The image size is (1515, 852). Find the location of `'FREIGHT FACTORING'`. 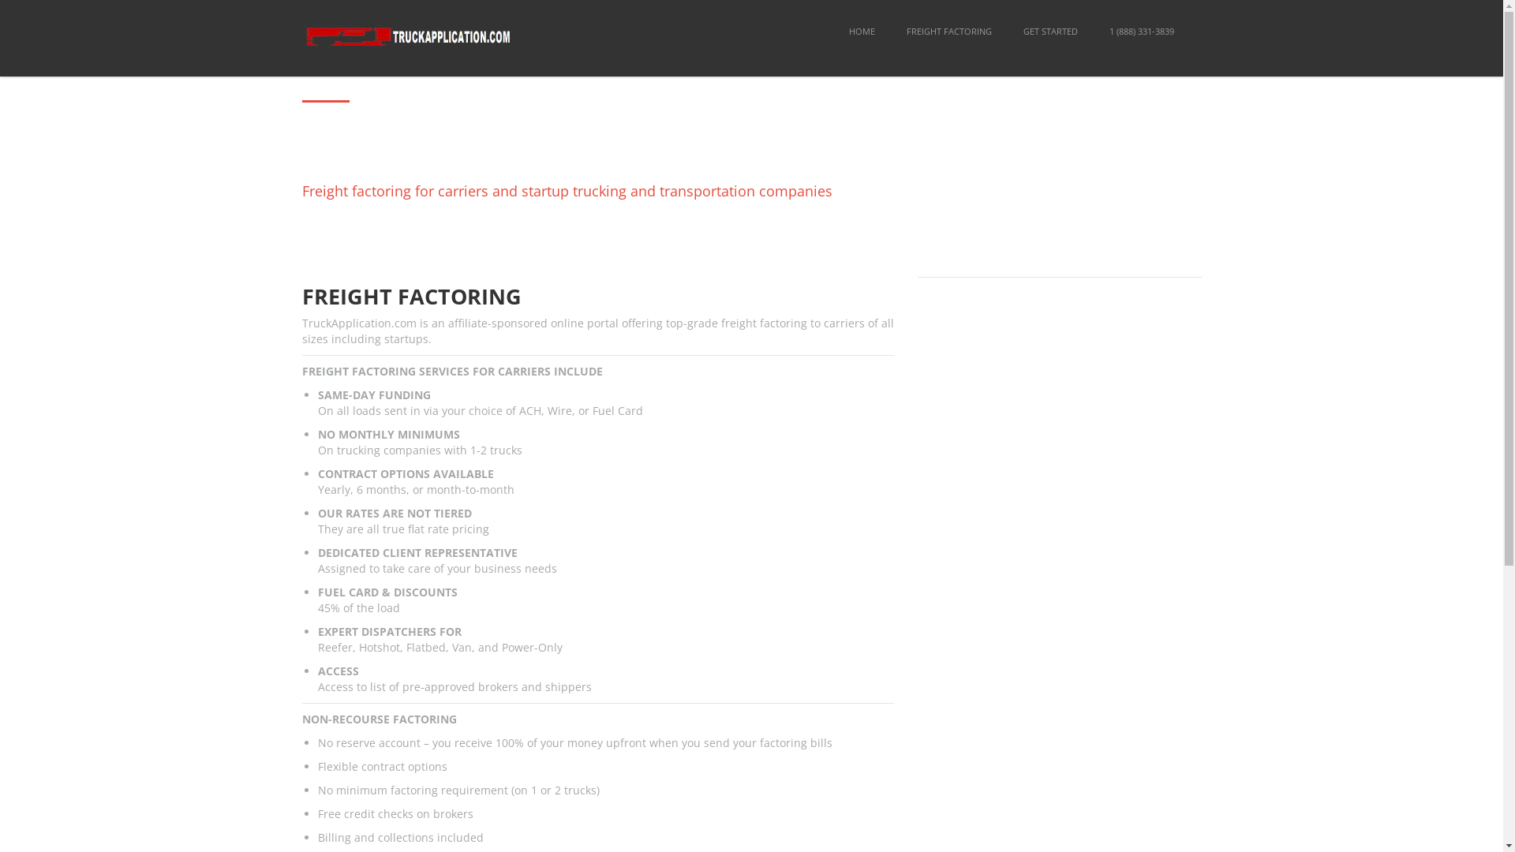

'FREIGHT FACTORING' is located at coordinates (947, 32).